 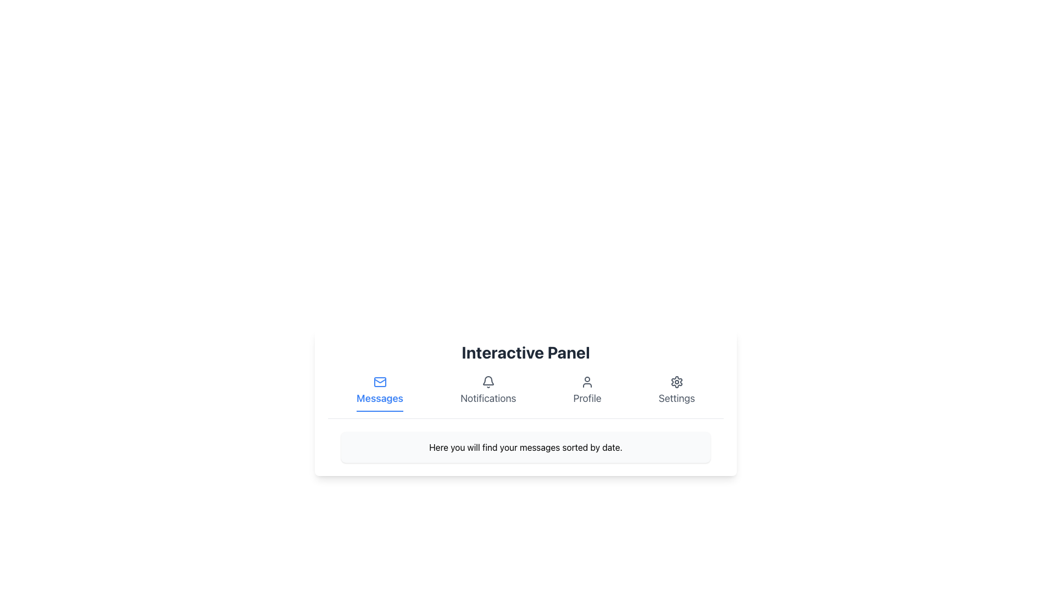 I want to click on the notifications icon located beneath the 'Interactive Panel' title, so click(x=487, y=380).